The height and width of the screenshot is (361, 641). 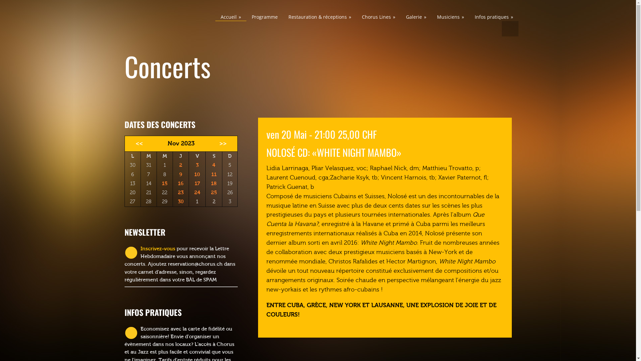 I want to click on '15', so click(x=162, y=183).